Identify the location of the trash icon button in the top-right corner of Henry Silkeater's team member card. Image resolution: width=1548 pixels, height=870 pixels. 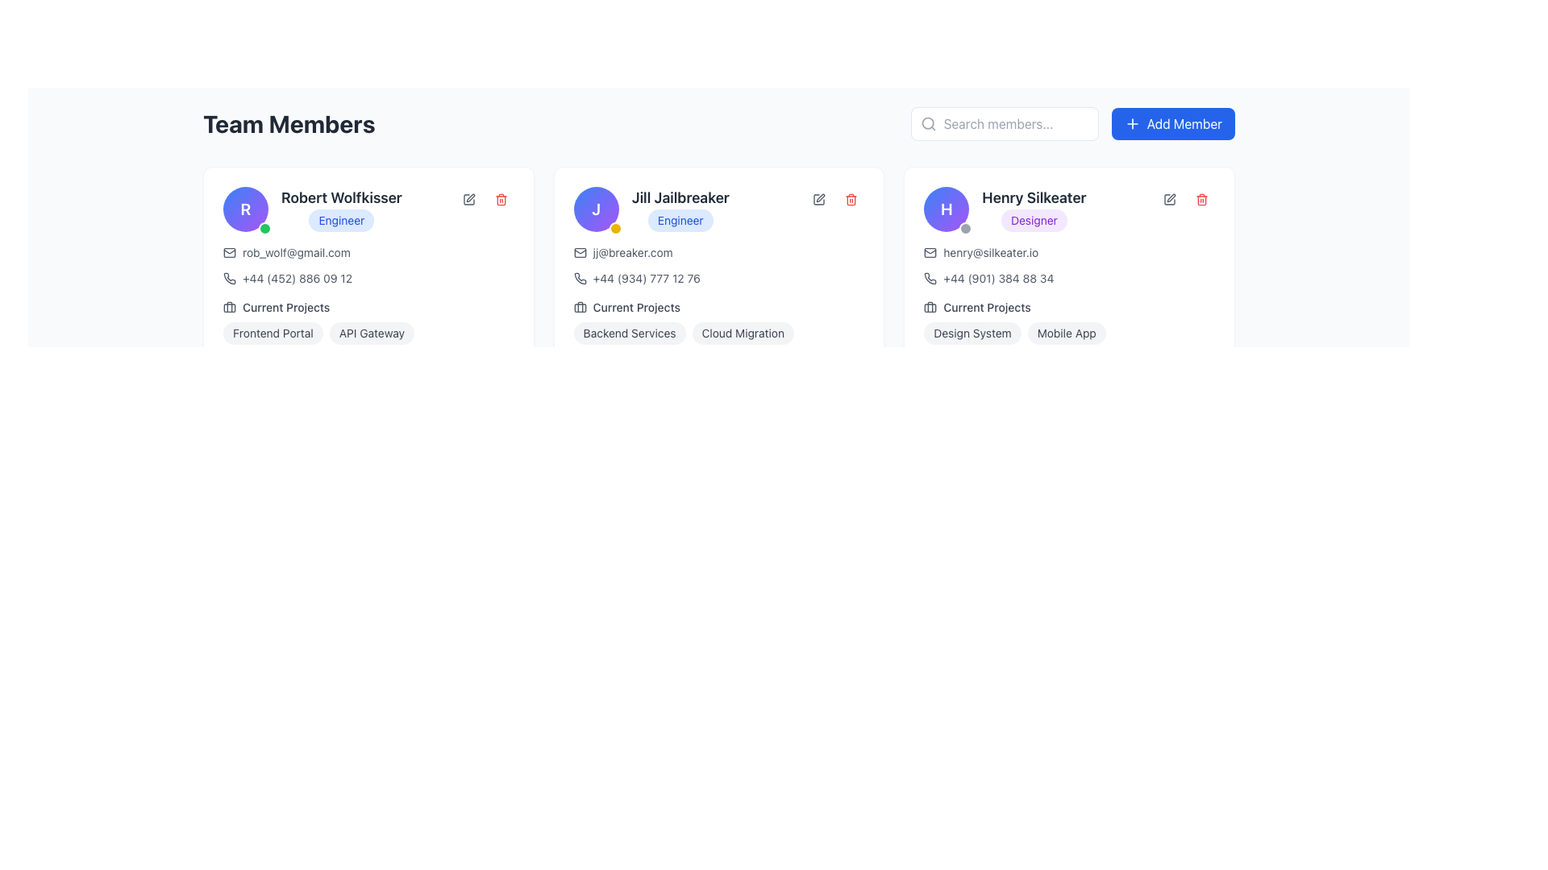
(1202, 198).